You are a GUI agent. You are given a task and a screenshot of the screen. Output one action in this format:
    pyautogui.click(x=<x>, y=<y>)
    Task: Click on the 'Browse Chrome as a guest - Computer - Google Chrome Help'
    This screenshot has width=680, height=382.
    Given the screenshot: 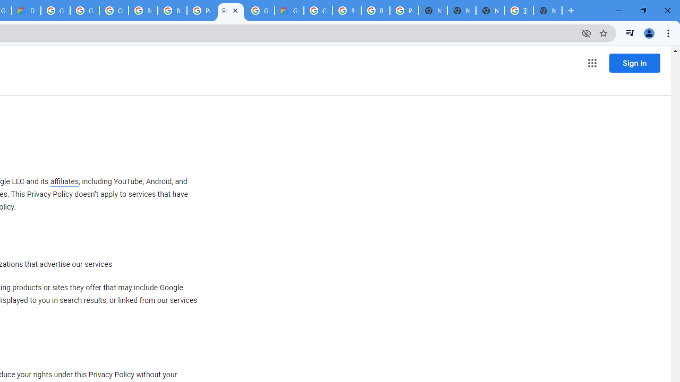 What is the action you would take?
    pyautogui.click(x=142, y=11)
    